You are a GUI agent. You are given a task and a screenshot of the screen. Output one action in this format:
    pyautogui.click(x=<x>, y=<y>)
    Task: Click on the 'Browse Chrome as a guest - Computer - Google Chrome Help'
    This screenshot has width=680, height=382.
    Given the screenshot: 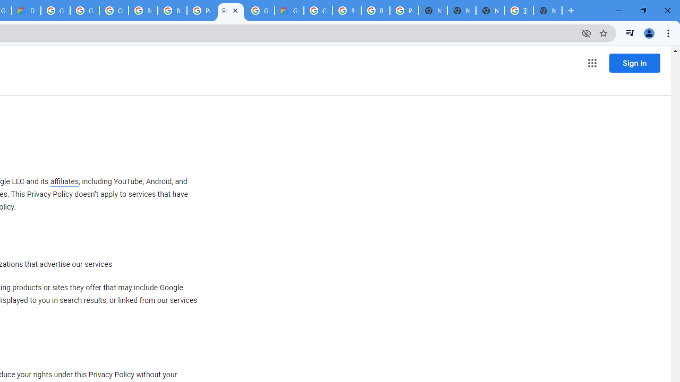 What is the action you would take?
    pyautogui.click(x=142, y=11)
    